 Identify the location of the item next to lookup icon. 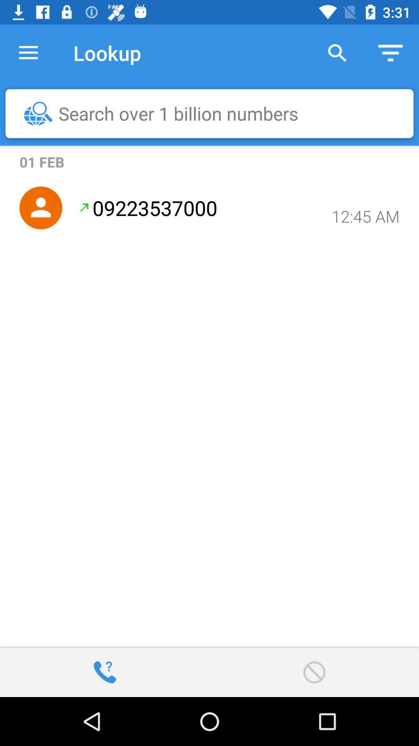
(28, 52).